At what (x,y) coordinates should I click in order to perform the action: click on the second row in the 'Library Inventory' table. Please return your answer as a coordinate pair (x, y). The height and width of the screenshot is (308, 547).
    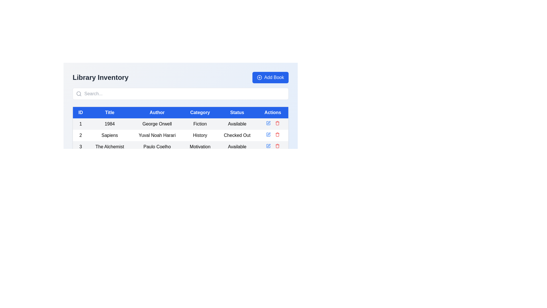
    Looking at the image, I should click on (180, 135).